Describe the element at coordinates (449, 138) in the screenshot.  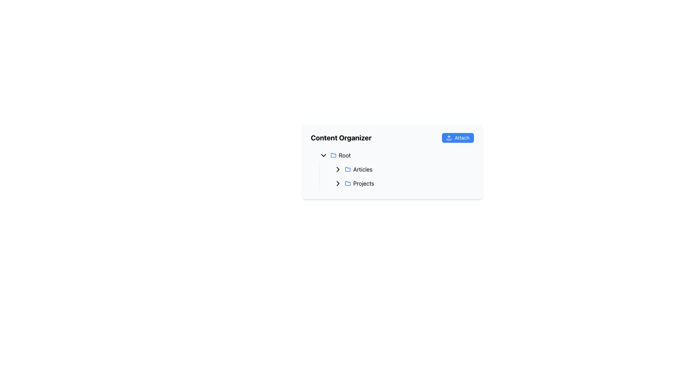
I see `the 'Attach' button by clicking on the upload icon located in the top-right corner of the content management interface` at that location.